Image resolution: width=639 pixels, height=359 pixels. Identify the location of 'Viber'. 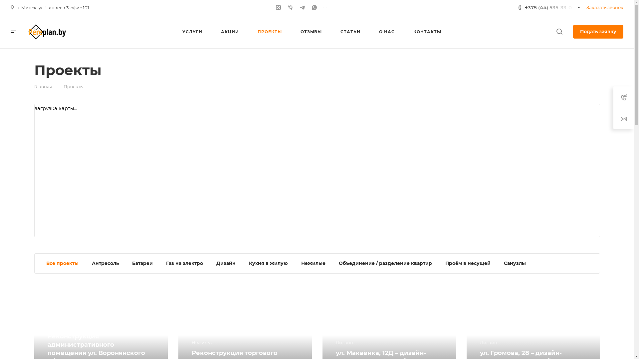
(291, 7).